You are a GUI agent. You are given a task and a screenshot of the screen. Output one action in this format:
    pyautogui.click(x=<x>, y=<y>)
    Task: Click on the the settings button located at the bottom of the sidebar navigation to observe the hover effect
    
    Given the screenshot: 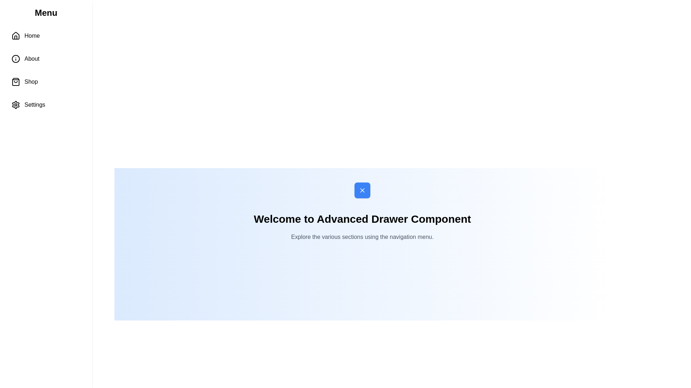 What is the action you would take?
    pyautogui.click(x=46, y=105)
    